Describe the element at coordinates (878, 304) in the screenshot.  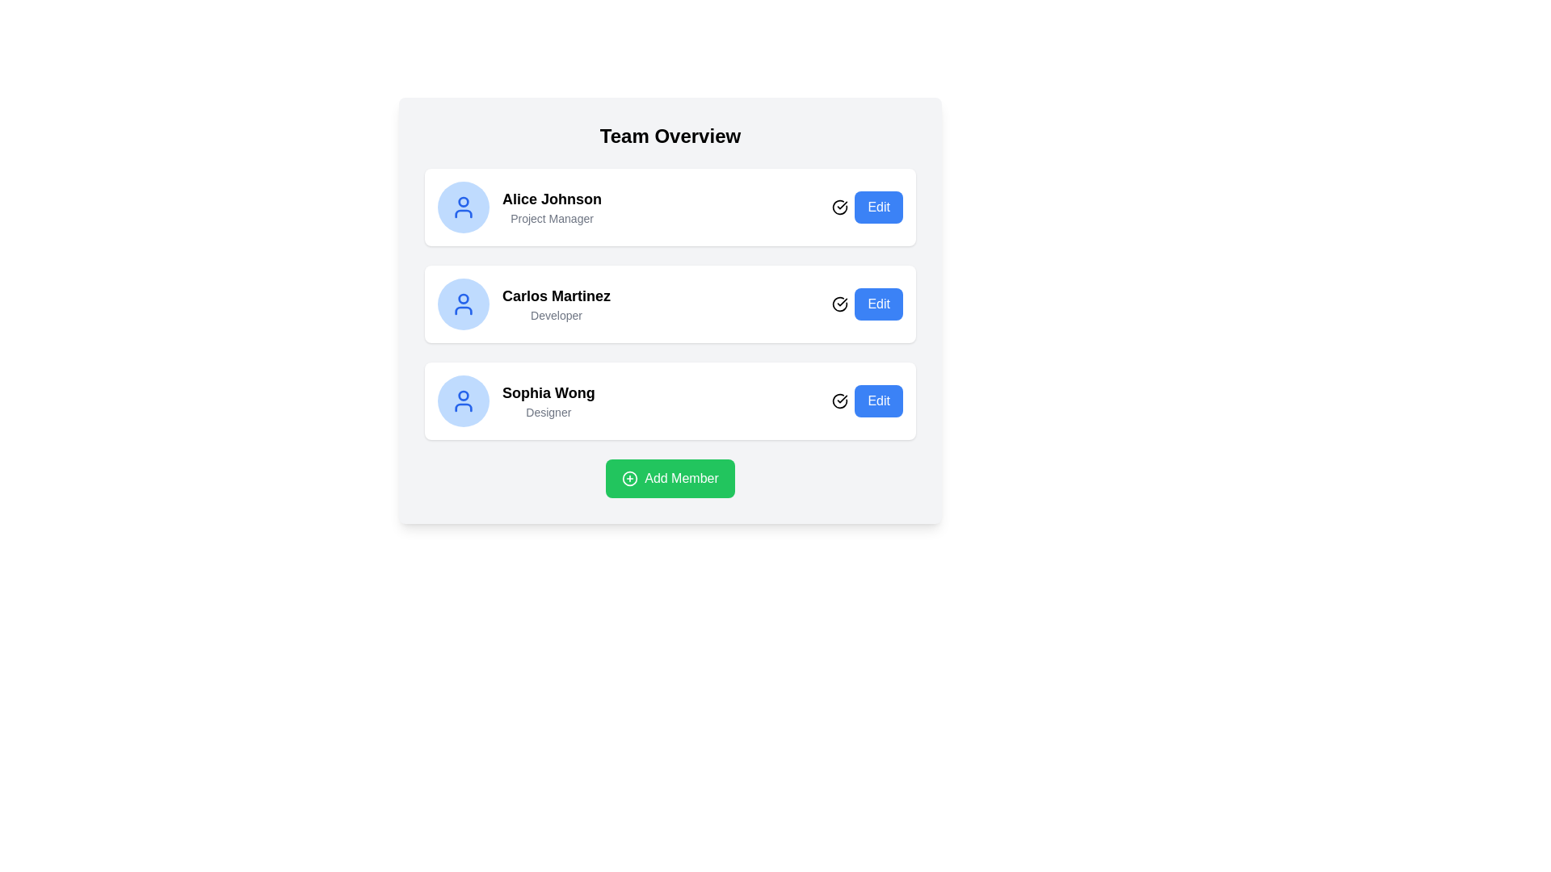
I see `the 'Edit' button` at that location.